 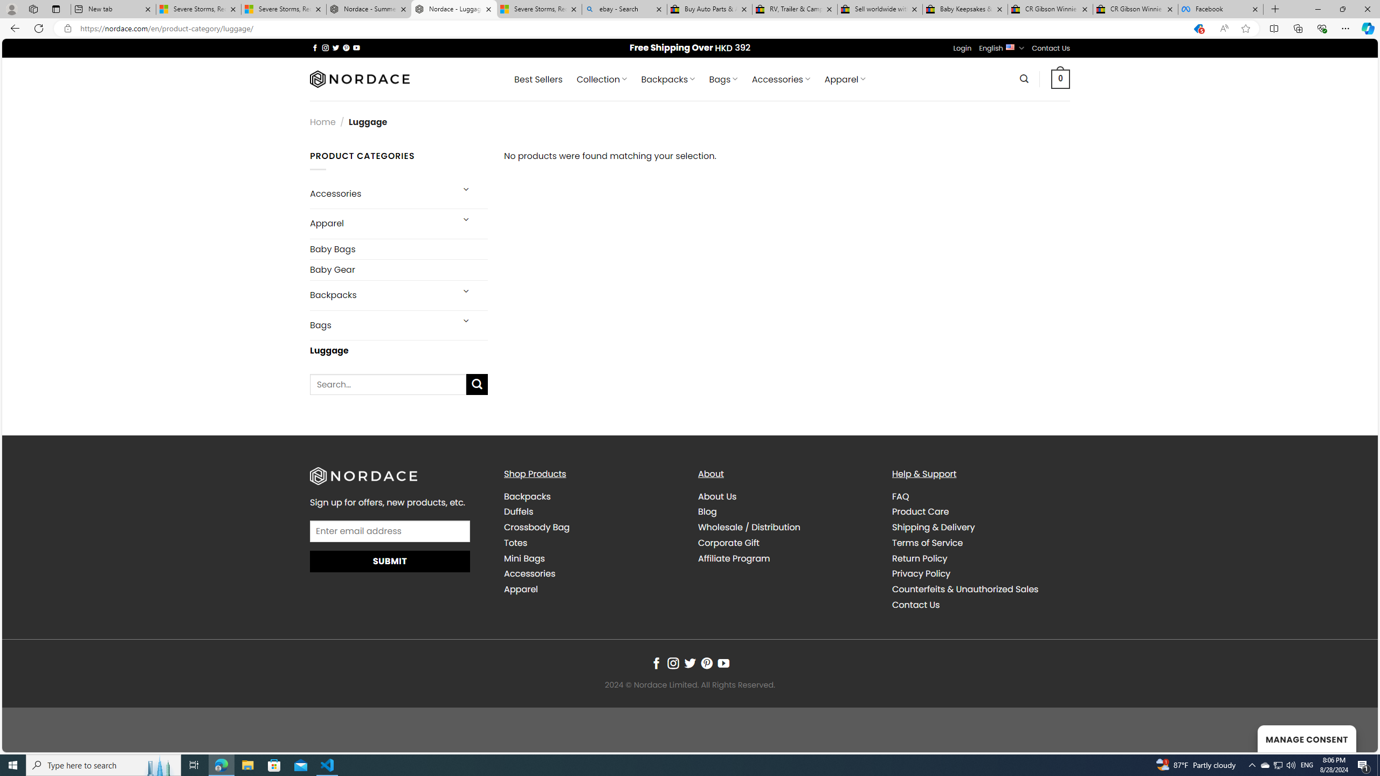 I want to click on 'New Tab', so click(x=1275, y=9).